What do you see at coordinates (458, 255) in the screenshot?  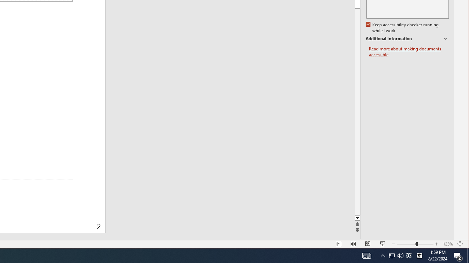 I see `'Action Center, 2 new notifications'` at bounding box center [458, 255].